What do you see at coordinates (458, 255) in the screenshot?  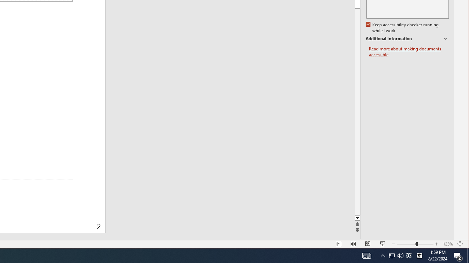 I see `'Action Center, 2 new notifications'` at bounding box center [458, 255].